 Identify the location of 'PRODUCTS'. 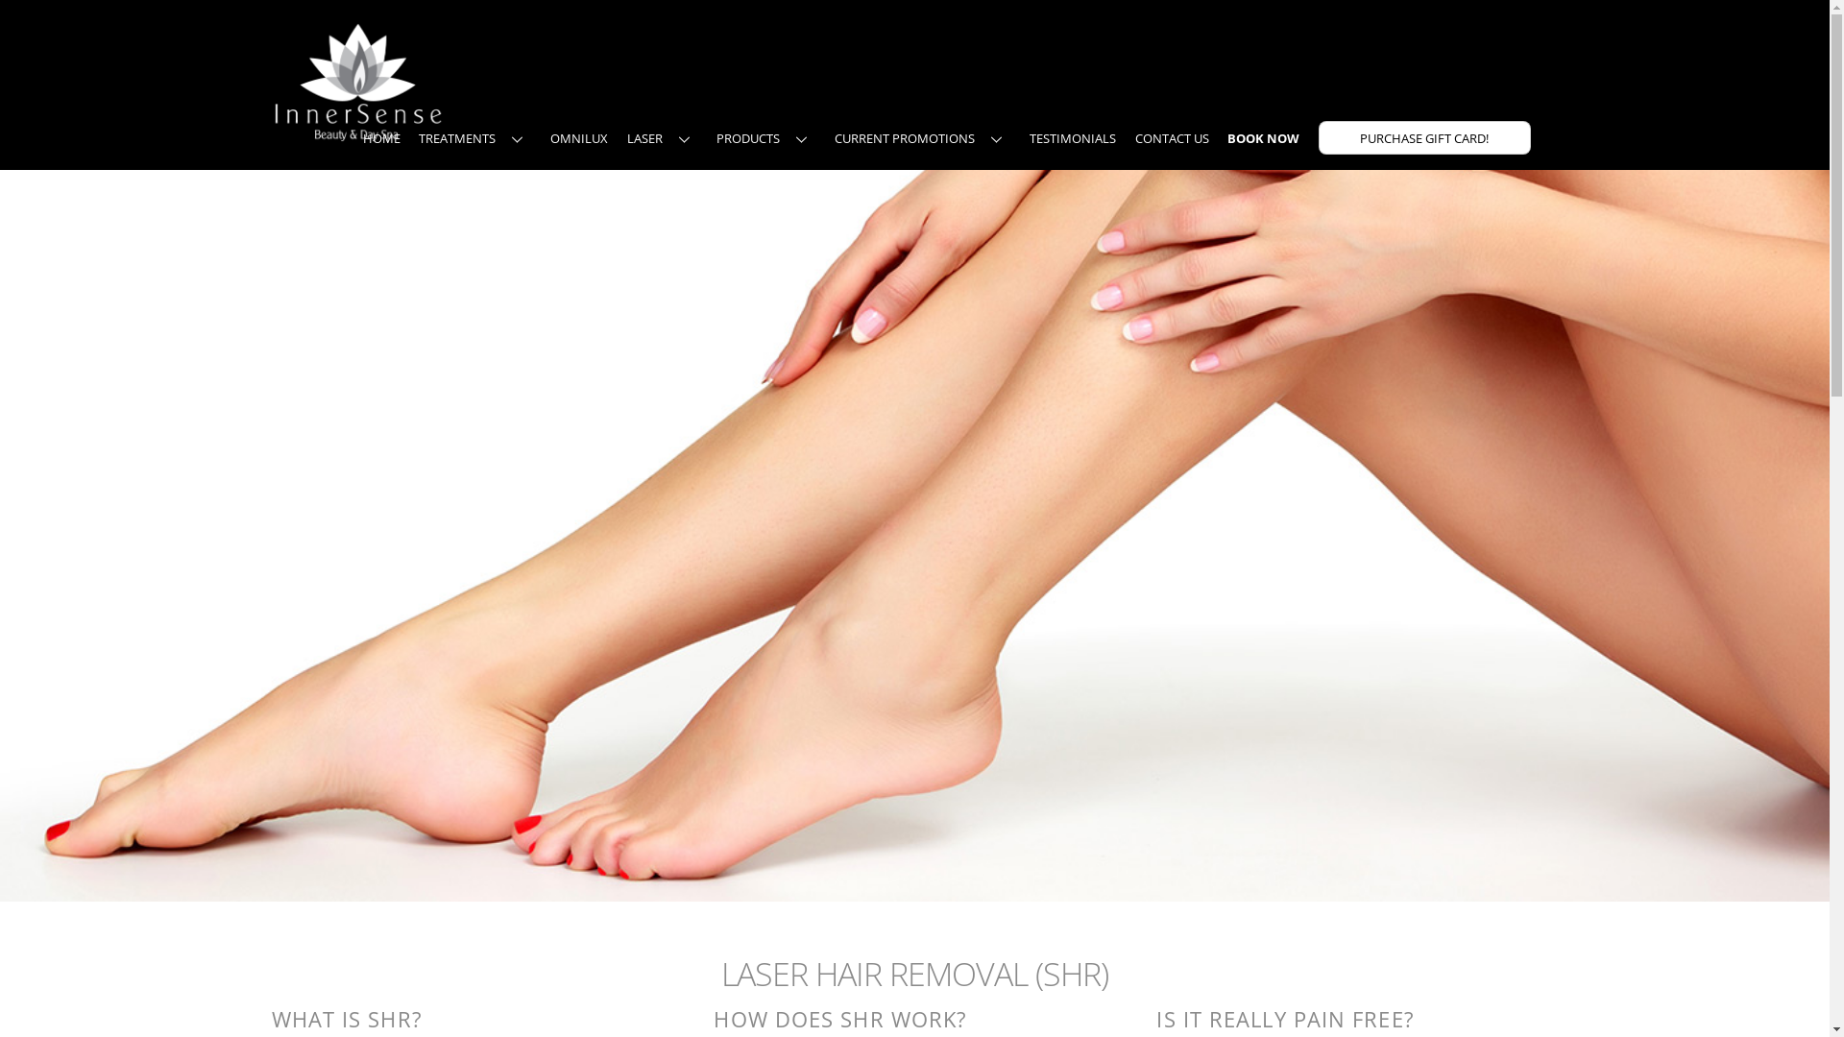
(765, 136).